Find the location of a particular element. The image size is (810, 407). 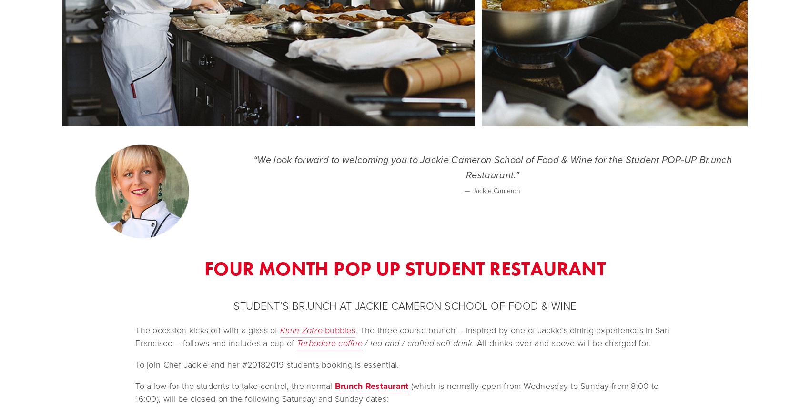

'Brunch Restaurant' is located at coordinates (334, 386).